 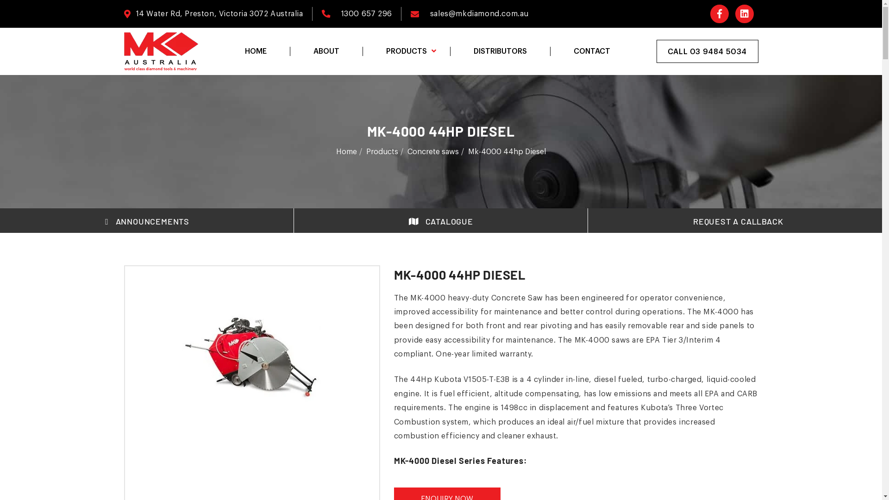 What do you see at coordinates (146, 221) in the screenshot?
I see `'ANNOUNCEMENTS'` at bounding box center [146, 221].